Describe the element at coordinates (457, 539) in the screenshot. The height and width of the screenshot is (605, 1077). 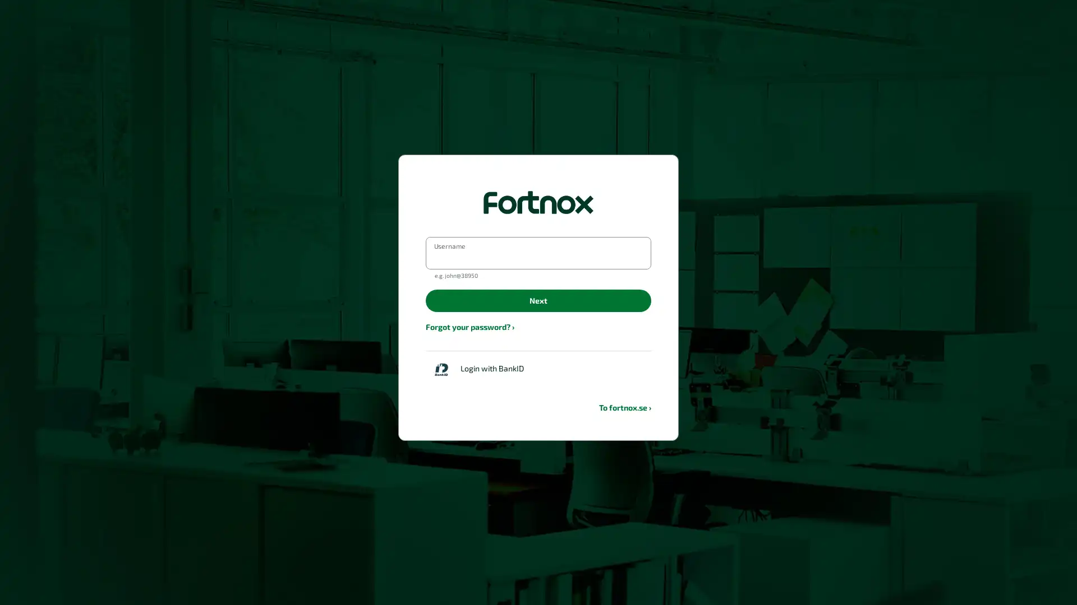
I see `Back` at that location.